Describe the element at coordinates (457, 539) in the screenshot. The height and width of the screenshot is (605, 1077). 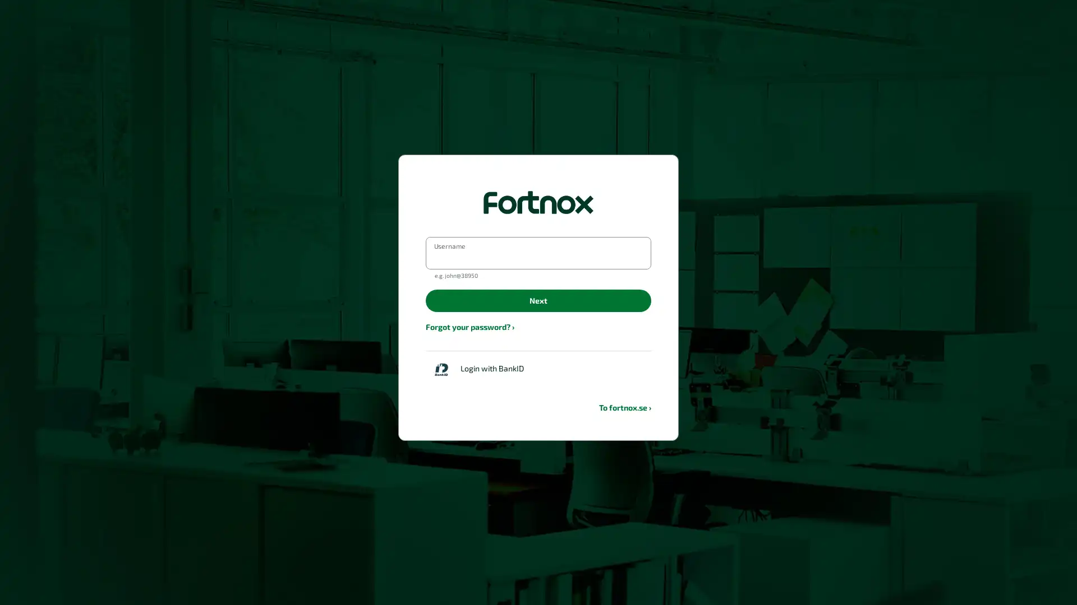
I see `Back` at that location.